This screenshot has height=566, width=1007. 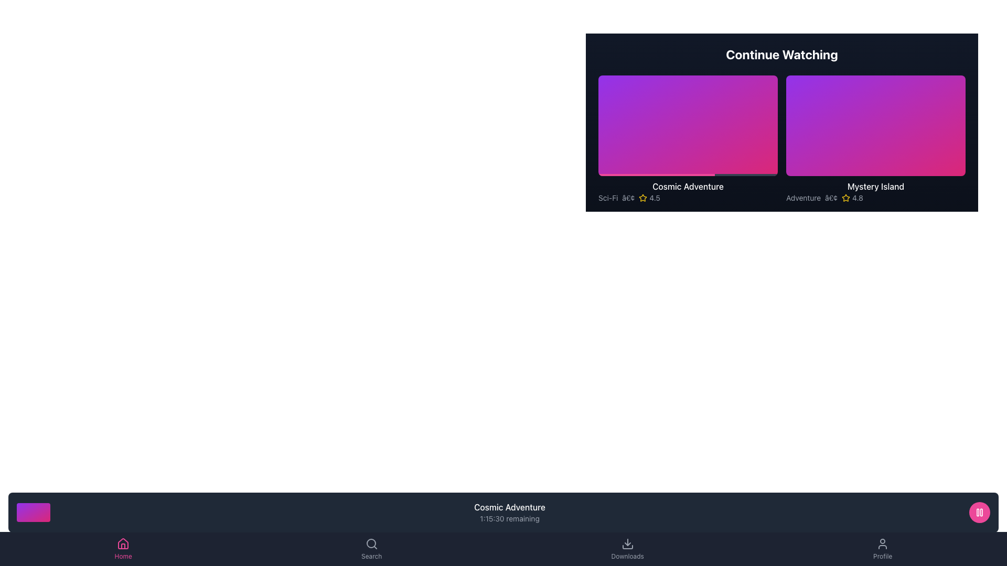 I want to click on the interactive thumbnail for 'Mystery Island' located in the 'Continue Watching' section on the right side of the similar gradient rectangles, so click(x=876, y=125).